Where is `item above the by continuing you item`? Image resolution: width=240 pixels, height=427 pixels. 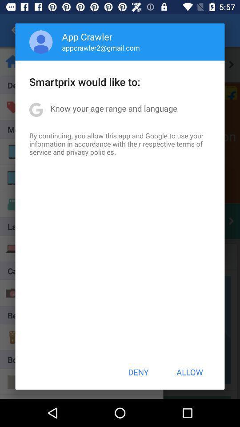
item above the by continuing you item is located at coordinates (114, 108).